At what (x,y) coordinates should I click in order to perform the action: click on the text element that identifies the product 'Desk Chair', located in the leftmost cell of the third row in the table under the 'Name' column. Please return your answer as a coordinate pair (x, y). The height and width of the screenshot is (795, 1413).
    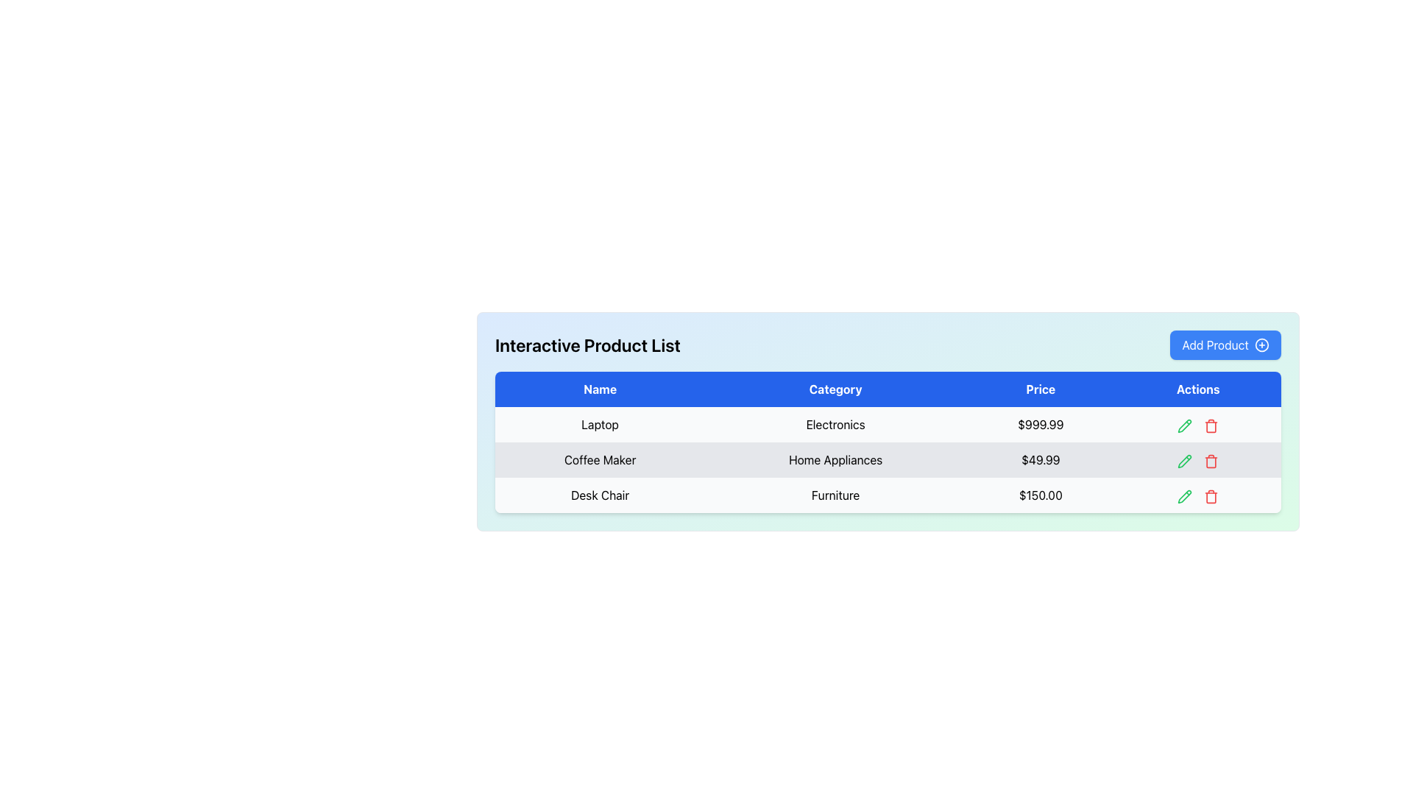
    Looking at the image, I should click on (600, 495).